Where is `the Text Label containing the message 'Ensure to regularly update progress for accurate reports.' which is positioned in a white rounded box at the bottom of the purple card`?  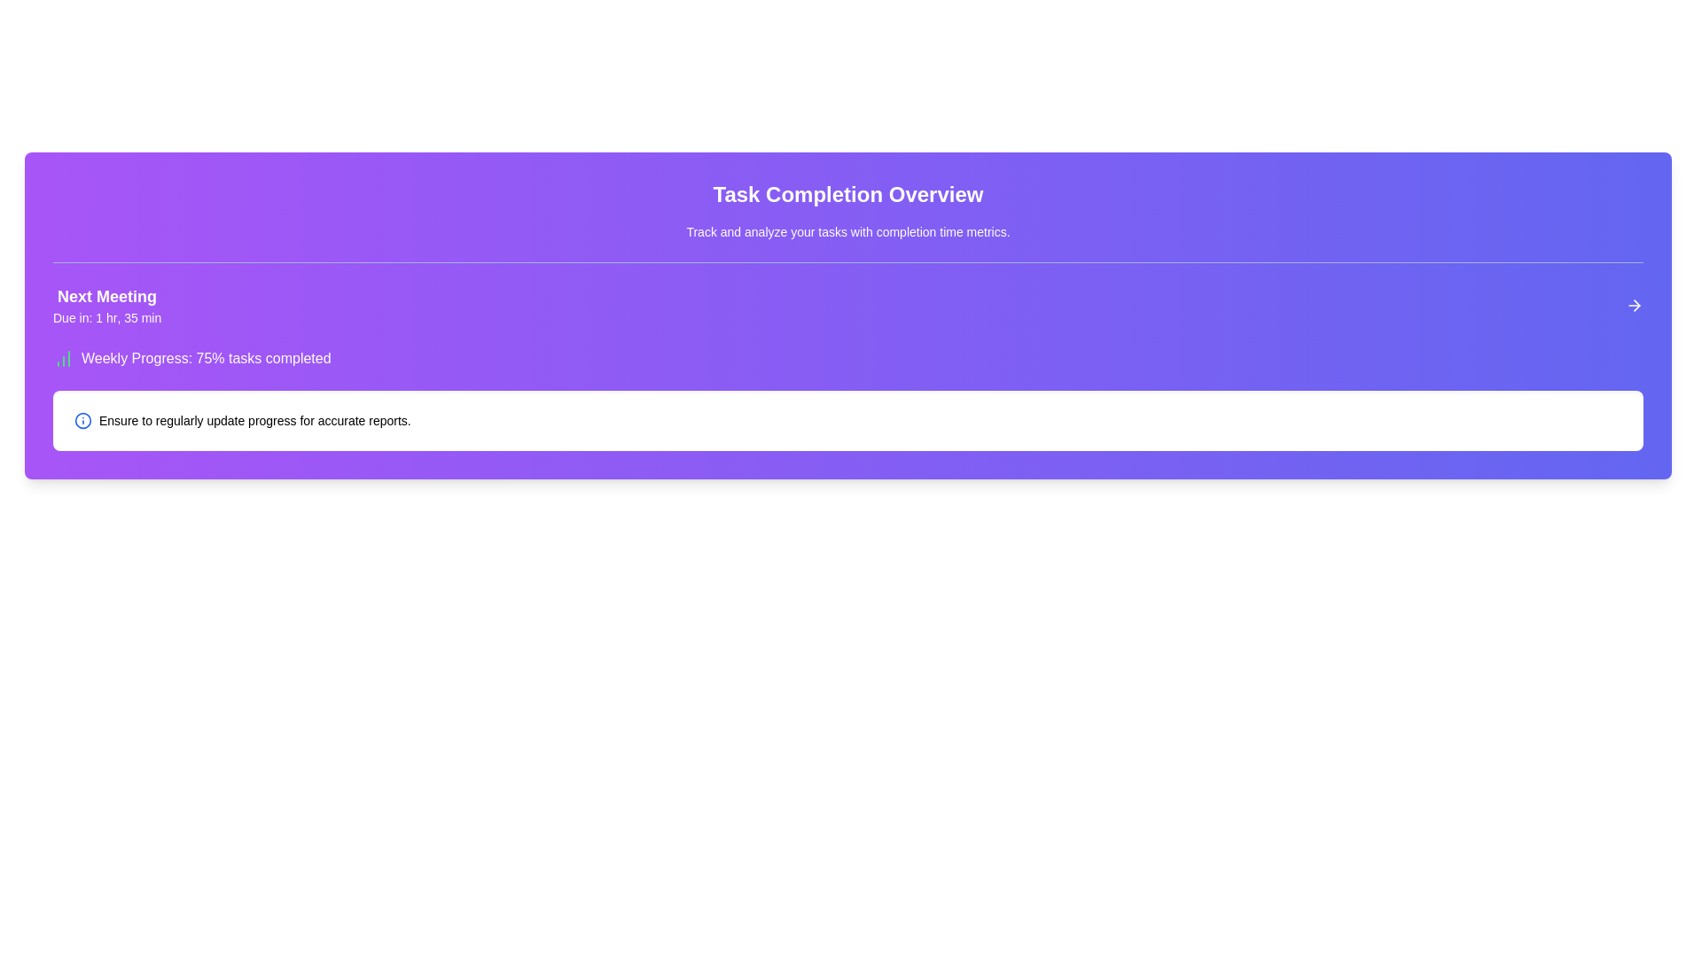 the Text Label containing the message 'Ensure to regularly update progress for accurate reports.' which is positioned in a white rounded box at the bottom of the purple card is located at coordinates (254, 420).